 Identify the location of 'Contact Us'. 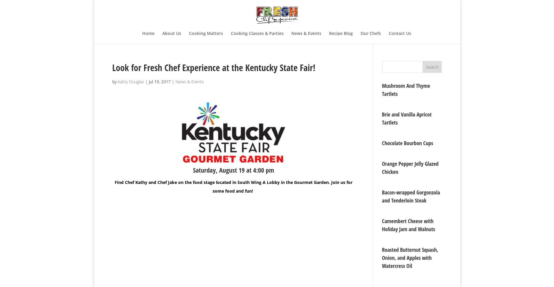
(399, 33).